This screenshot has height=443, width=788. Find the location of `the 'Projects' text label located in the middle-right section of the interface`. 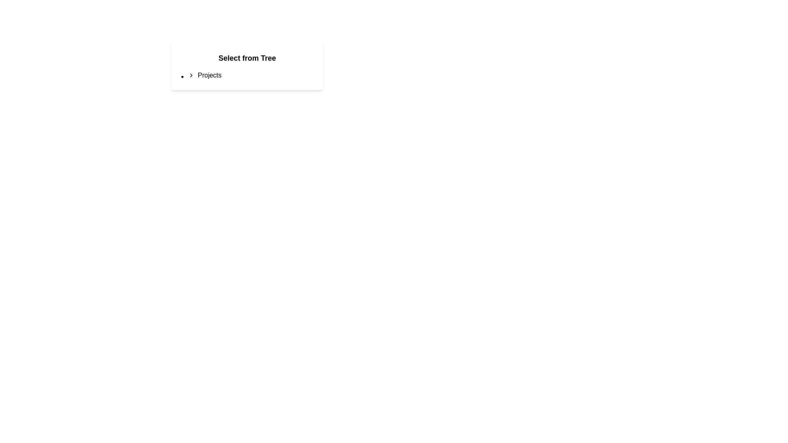

the 'Projects' text label located in the middle-right section of the interface is located at coordinates (209, 75).